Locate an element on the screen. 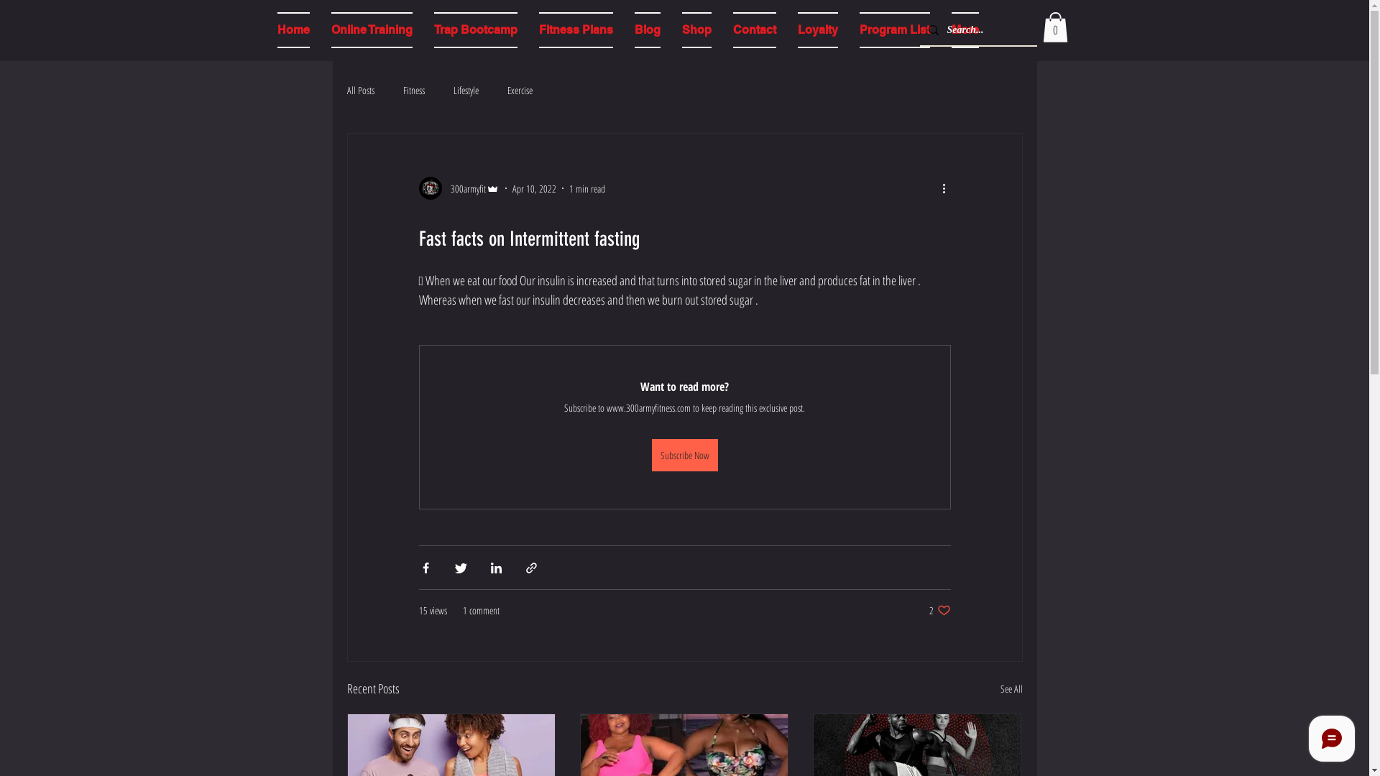  'Lifestyle' is located at coordinates (465, 90).